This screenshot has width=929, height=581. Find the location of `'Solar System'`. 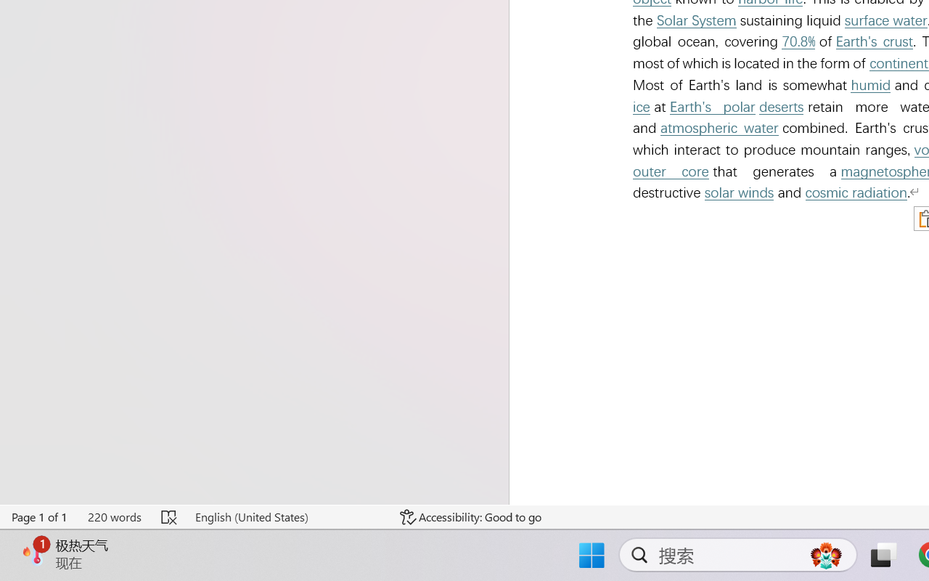

'Solar System' is located at coordinates (697, 20).